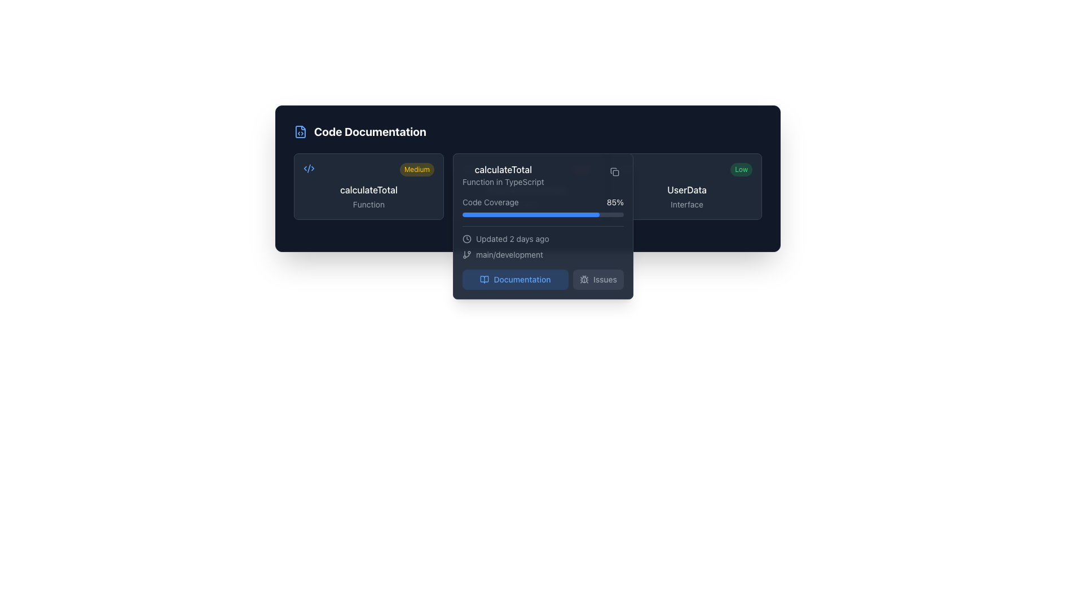  Describe the element at coordinates (309, 169) in the screenshot. I see `the blue SVG graphic icon representing XML code located within the 'Medium' section, positioned above the text 'calculateTotal'` at that location.